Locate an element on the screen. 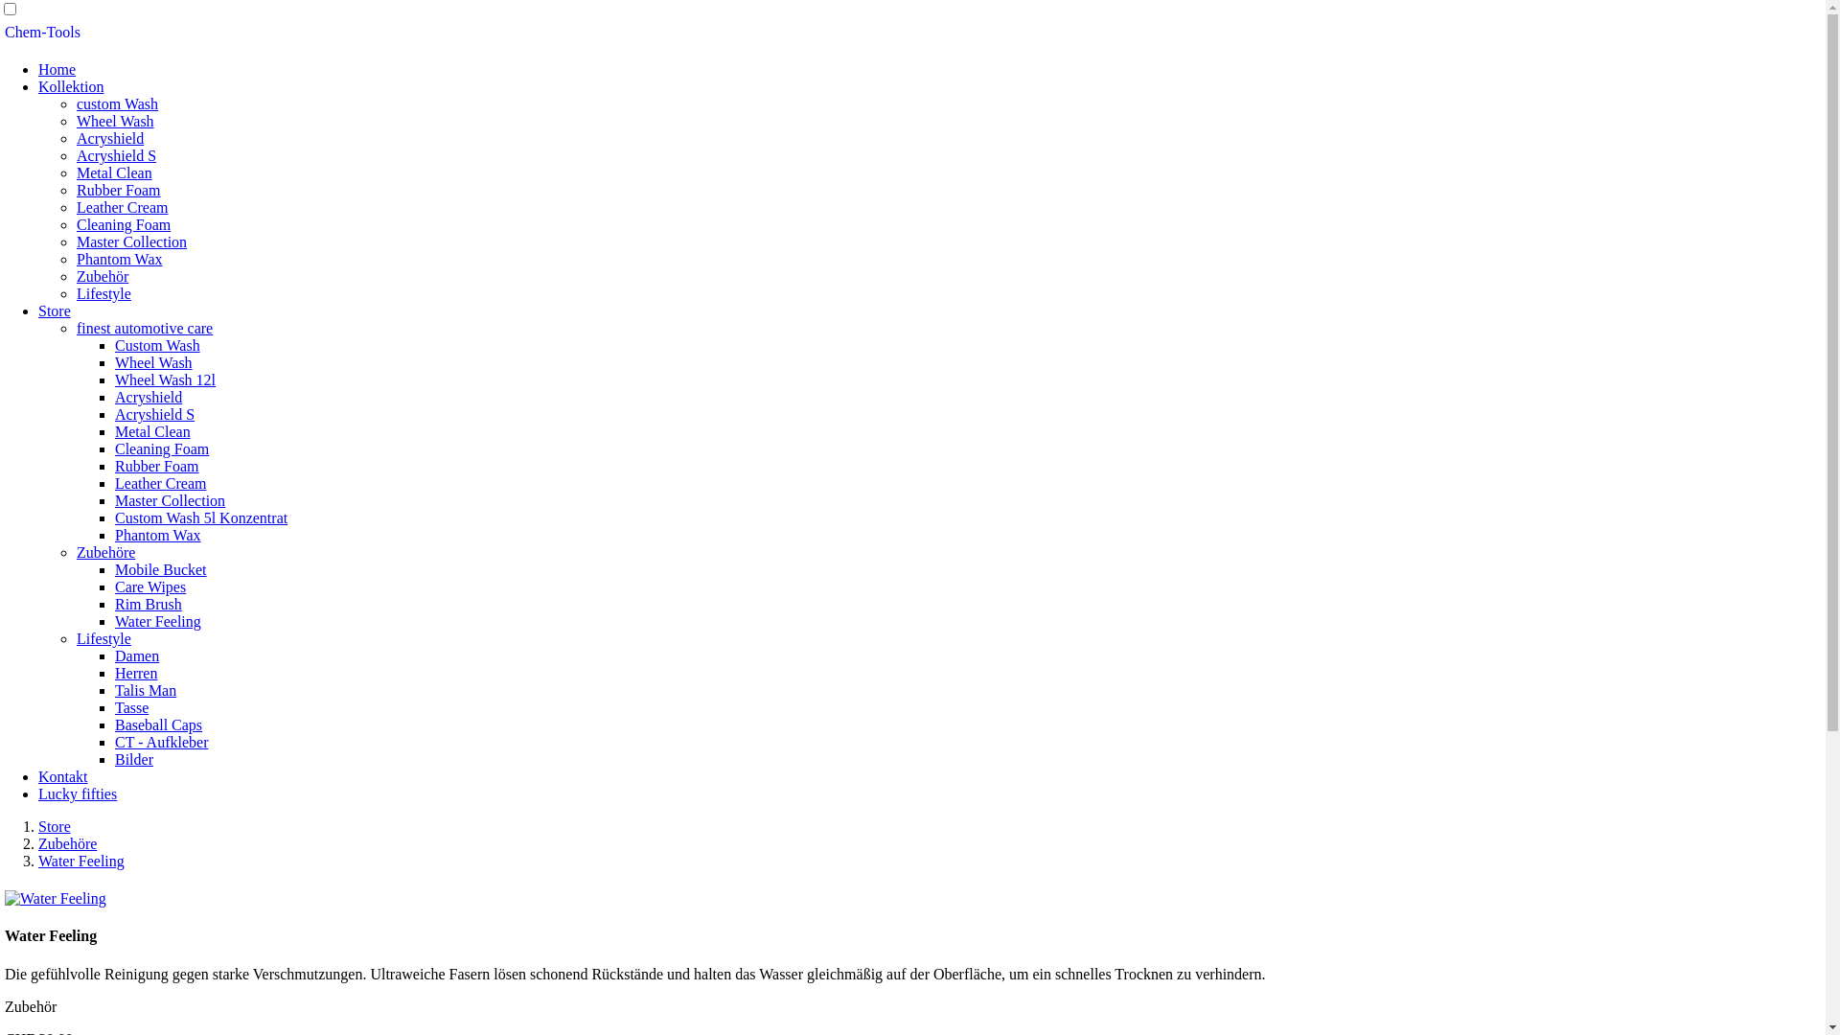 This screenshot has width=1840, height=1035. 'Metal Clean' is located at coordinates (151, 431).